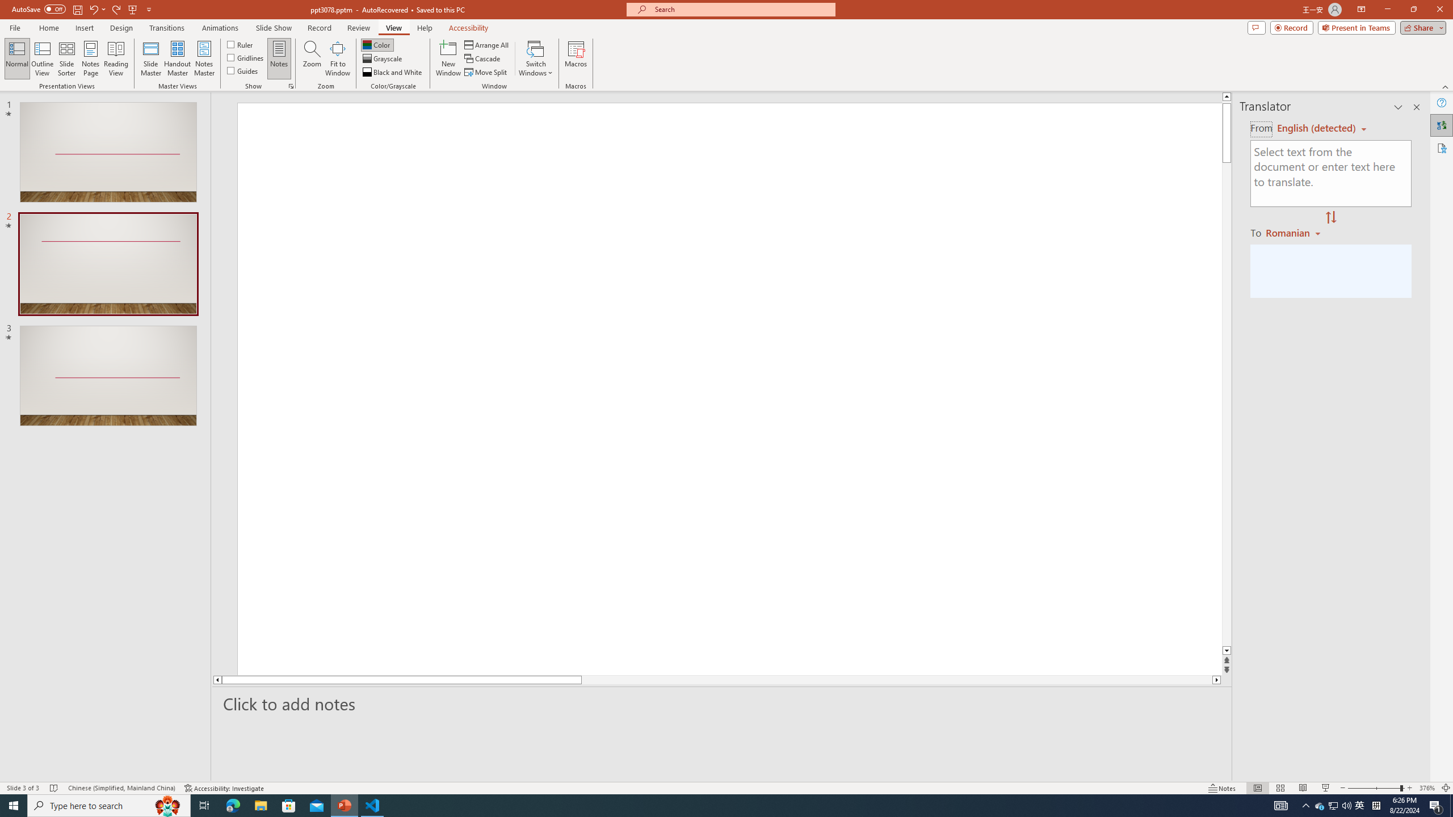 The width and height of the screenshot is (1453, 817). I want to click on 'Zoom...', so click(312, 58).